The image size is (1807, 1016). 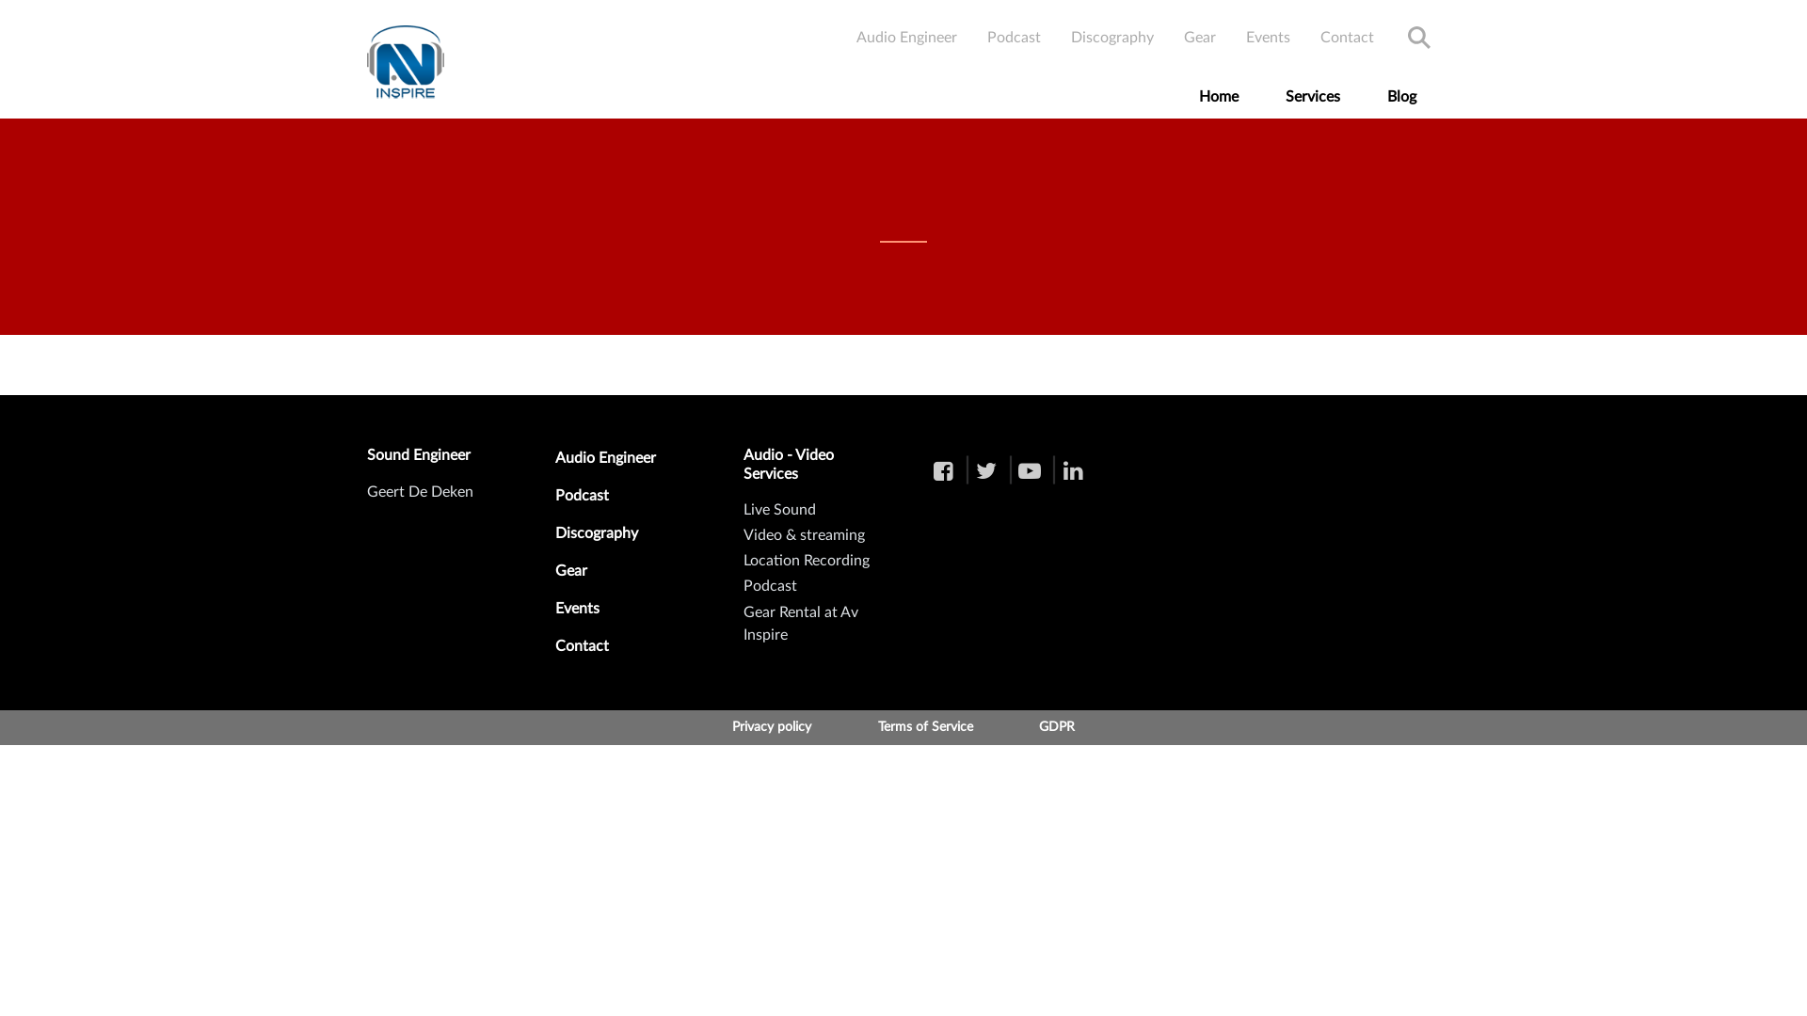 I want to click on 'GDPR', so click(x=1057, y=726).